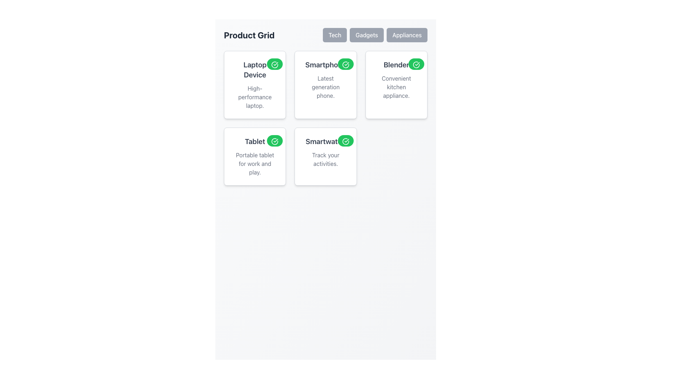  Describe the element at coordinates (249, 35) in the screenshot. I see `the bold heading text 'Product Grid' located prominently in the upper-left section of the interface` at that location.